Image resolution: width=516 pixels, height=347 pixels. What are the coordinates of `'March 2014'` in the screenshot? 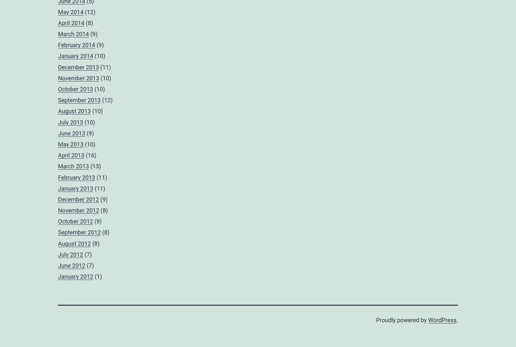 It's located at (73, 34).